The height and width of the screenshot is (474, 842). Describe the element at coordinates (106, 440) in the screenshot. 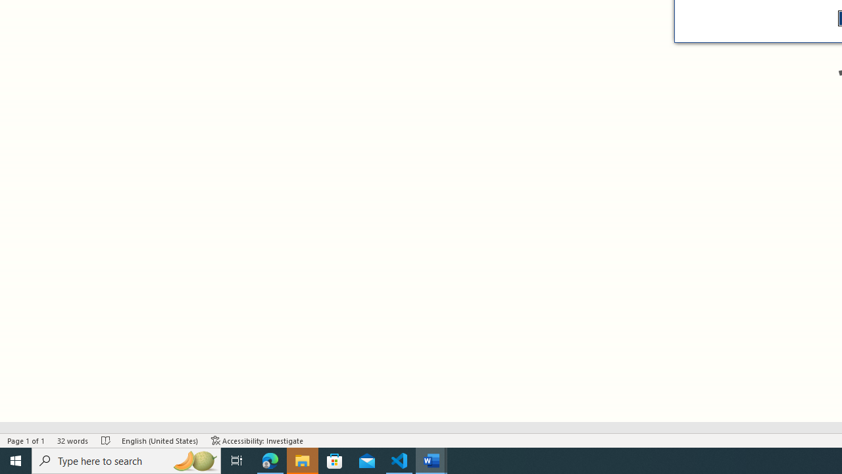

I see `'Spelling and Grammar Check No Errors'` at that location.